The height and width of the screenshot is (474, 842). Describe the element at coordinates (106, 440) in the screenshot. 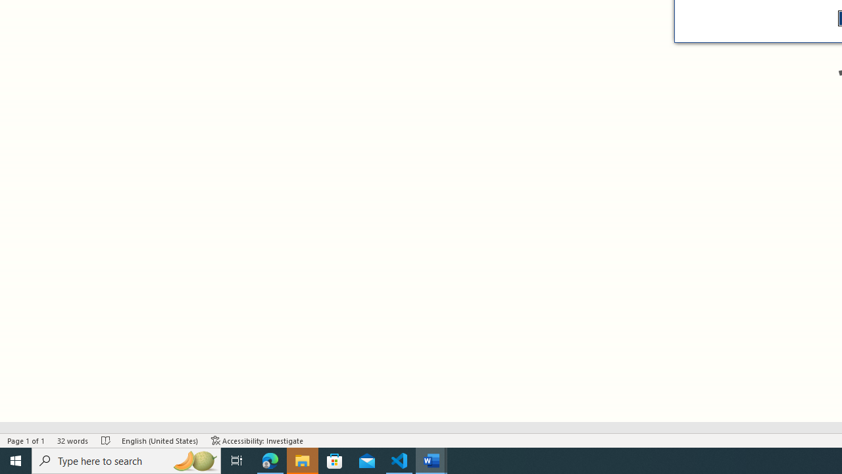

I see `'Spelling and Grammar Check No Errors'` at that location.